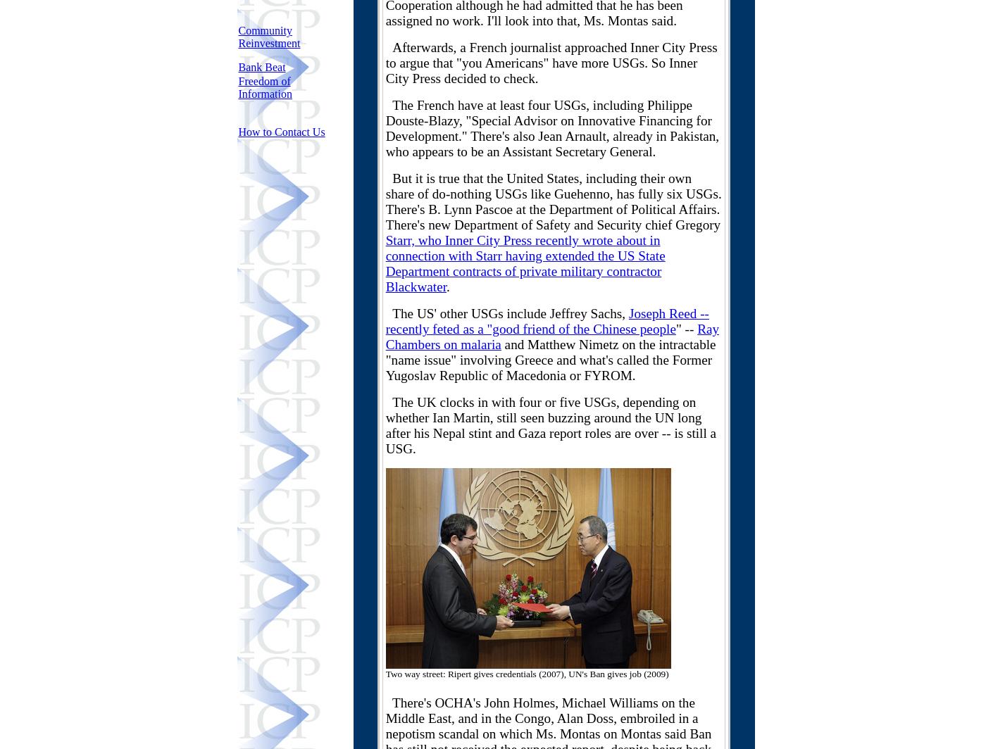 This screenshot has width=986, height=749. What do you see at coordinates (527, 674) in the screenshot?
I see `'Two way street: Ripert gives credentials
(2007), UN's Ban gives job (2009)'` at bounding box center [527, 674].